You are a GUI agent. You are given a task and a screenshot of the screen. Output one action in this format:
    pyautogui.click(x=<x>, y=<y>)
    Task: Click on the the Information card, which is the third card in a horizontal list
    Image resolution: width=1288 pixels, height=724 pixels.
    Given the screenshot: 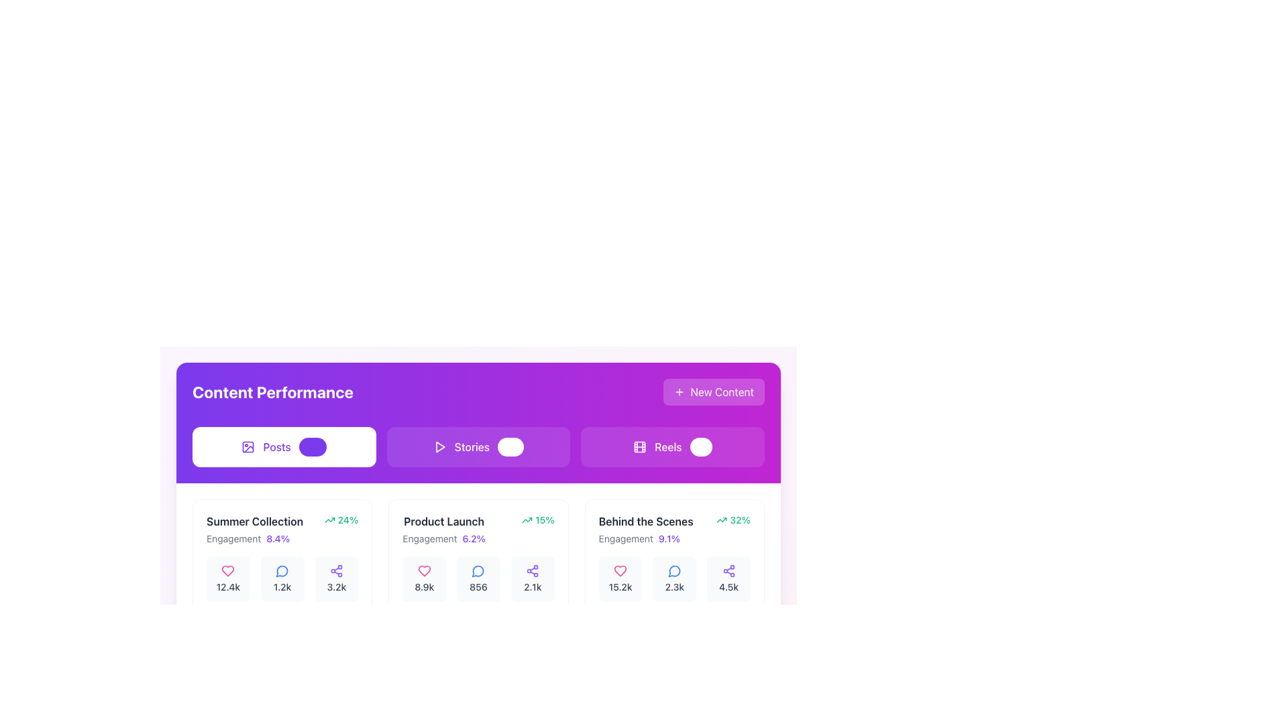 What is the action you would take?
    pyautogui.click(x=674, y=563)
    